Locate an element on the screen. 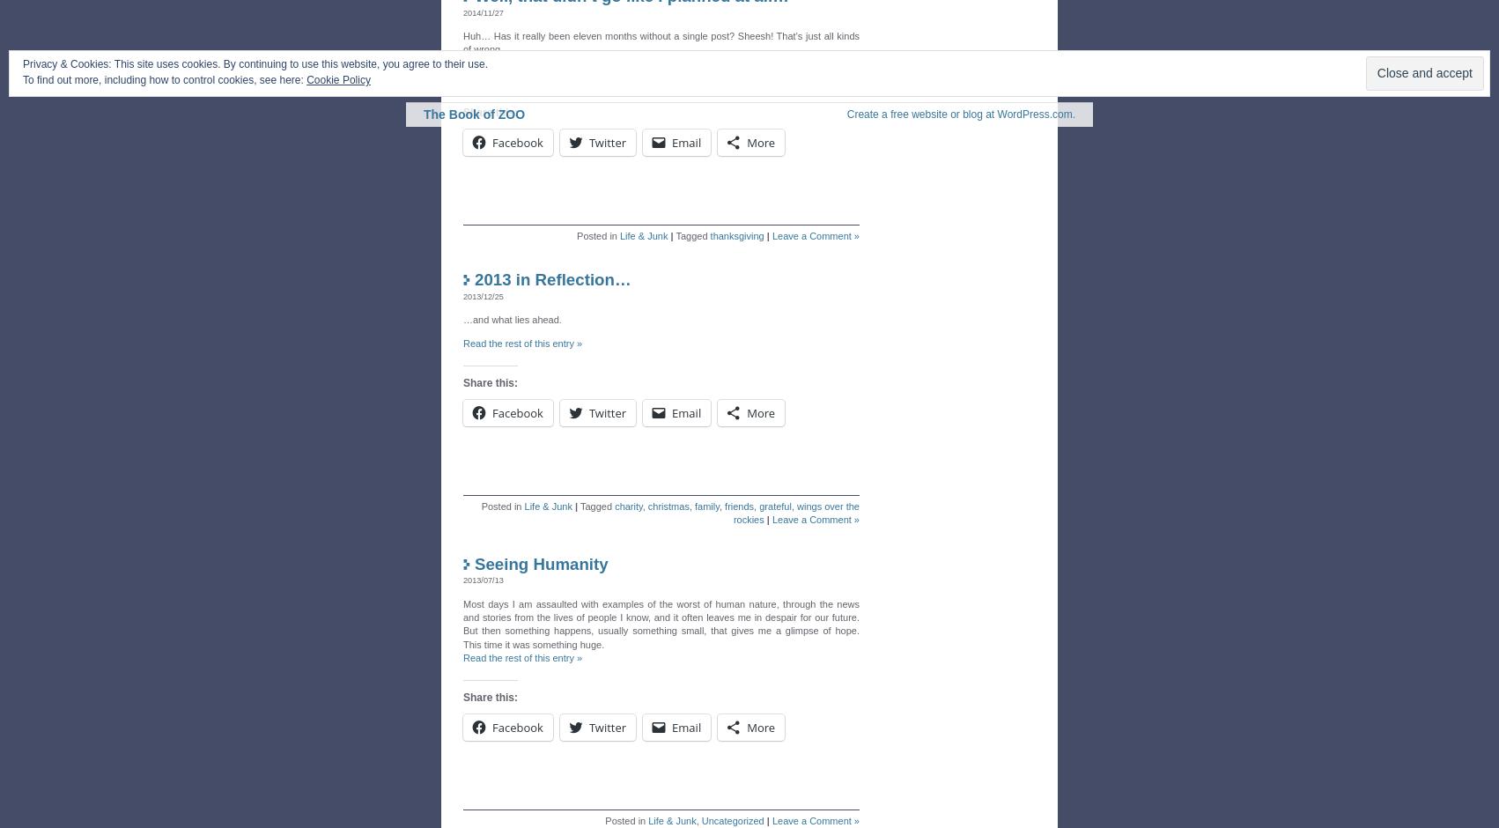 This screenshot has height=828, width=1499. 'Huh… Has it really been eleven months without a single post? Sheesh! That’s just all kinds of wrong.' is located at coordinates (462, 41).